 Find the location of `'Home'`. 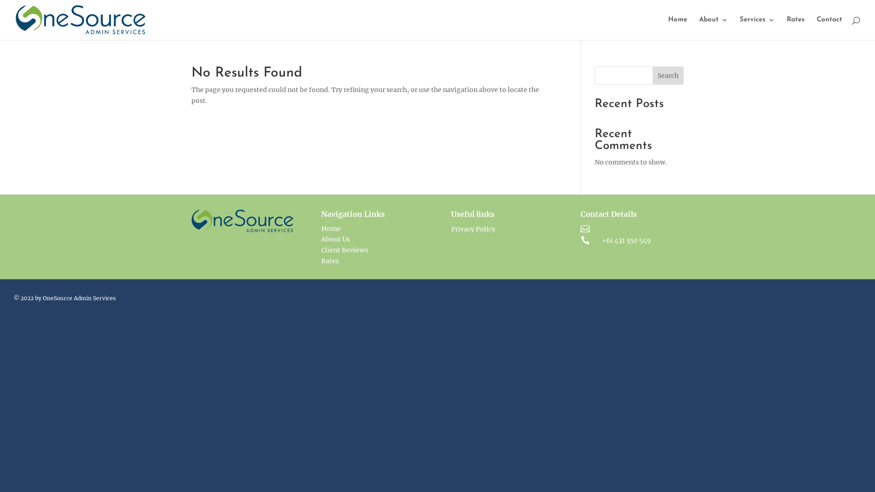

'Home' is located at coordinates (678, 28).